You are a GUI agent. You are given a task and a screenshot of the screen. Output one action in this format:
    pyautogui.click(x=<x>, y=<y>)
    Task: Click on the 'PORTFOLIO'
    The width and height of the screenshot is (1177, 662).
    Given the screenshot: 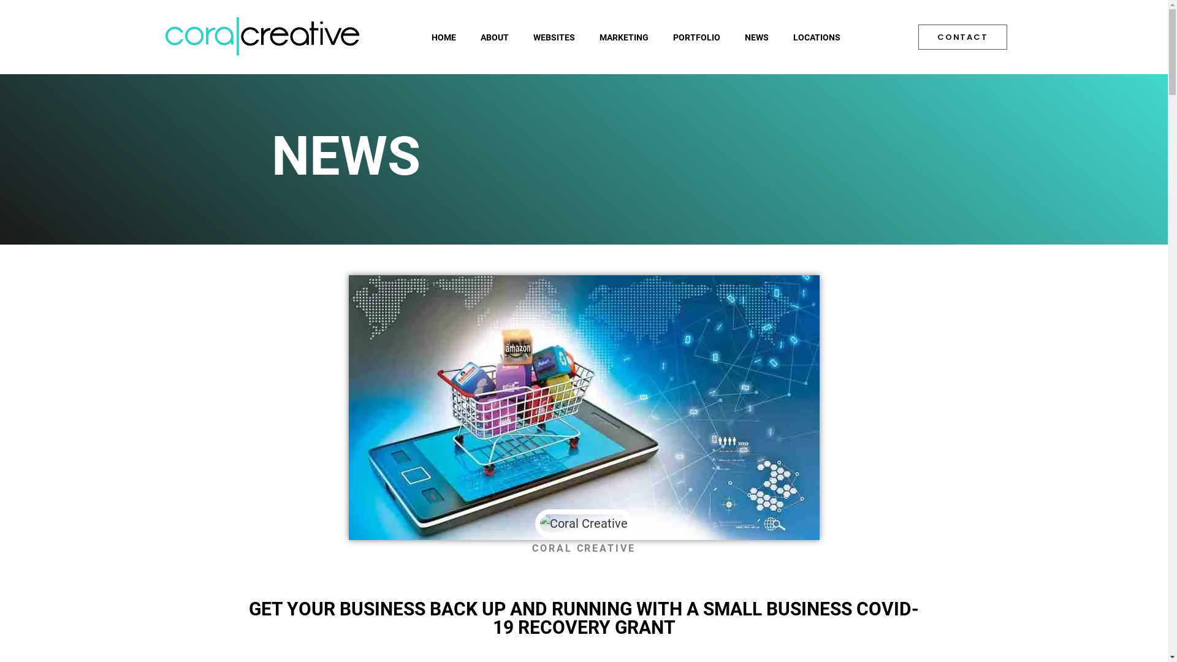 What is the action you would take?
    pyautogui.click(x=696, y=37)
    